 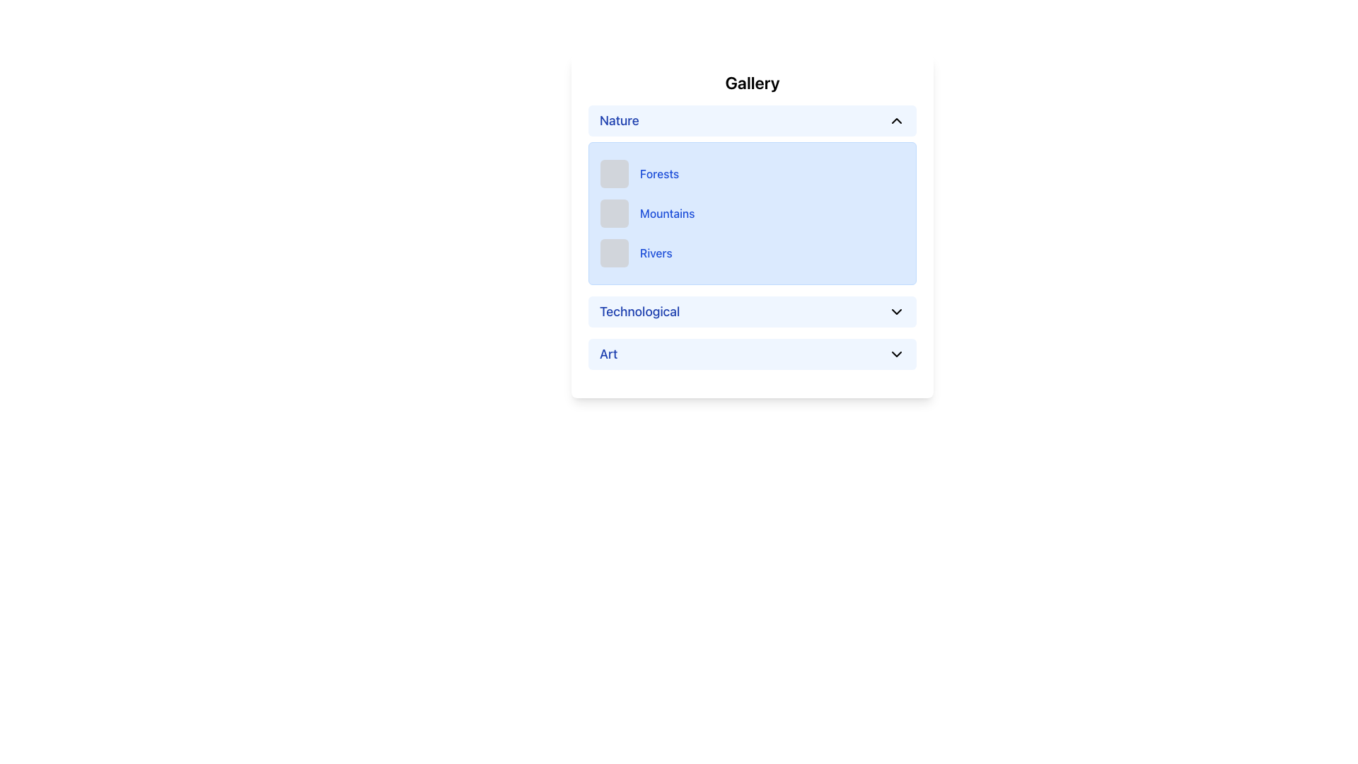 I want to click on the collapse icon located on the rightmost side of the 'Nature' section, so click(x=895, y=120).